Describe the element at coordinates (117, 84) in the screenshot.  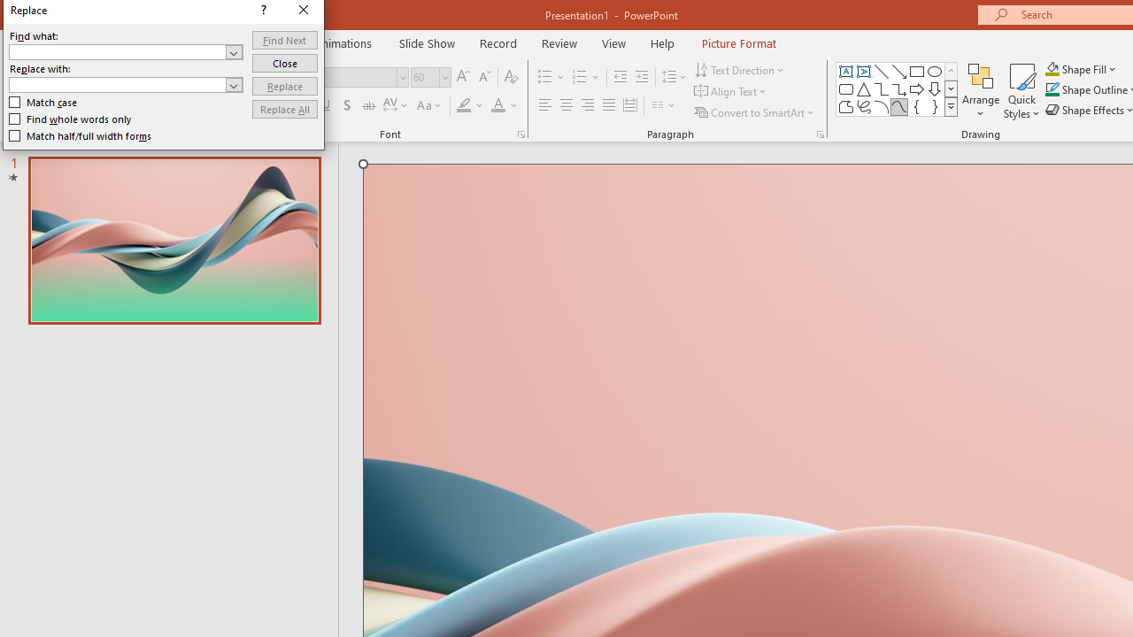
I see `'Replace with'` at that location.